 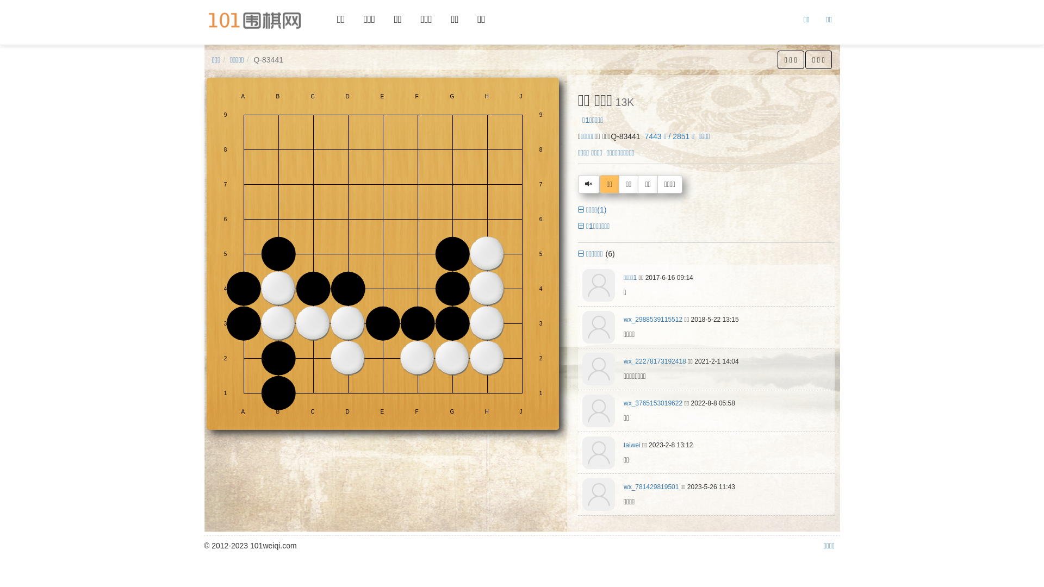 I want to click on 'wx_2988539115512', so click(x=652, y=319).